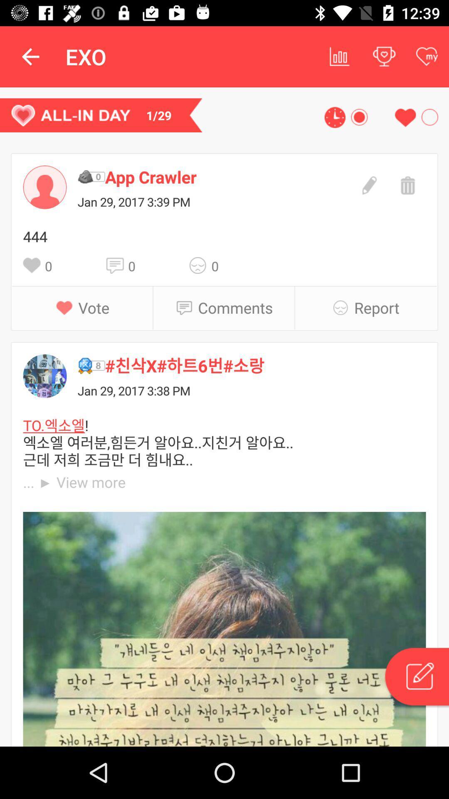  Describe the element at coordinates (368, 184) in the screenshot. I see `edit` at that location.